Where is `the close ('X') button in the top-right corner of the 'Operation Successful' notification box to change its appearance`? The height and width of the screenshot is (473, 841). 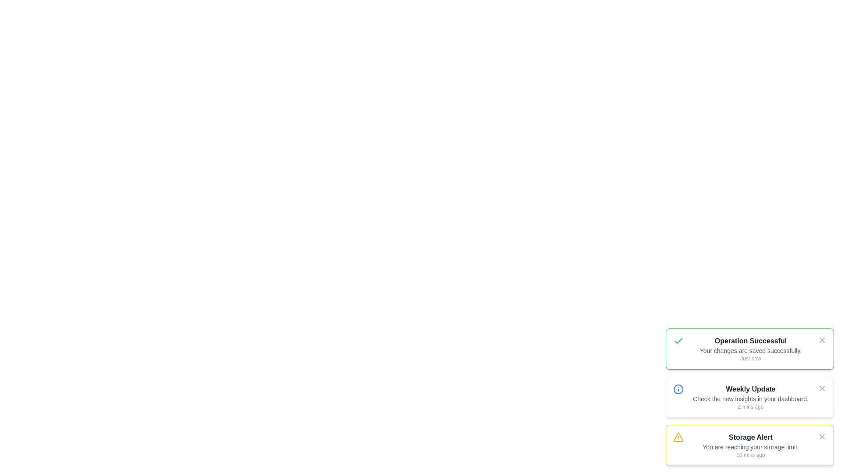 the close ('X') button in the top-right corner of the 'Operation Successful' notification box to change its appearance is located at coordinates (821, 339).